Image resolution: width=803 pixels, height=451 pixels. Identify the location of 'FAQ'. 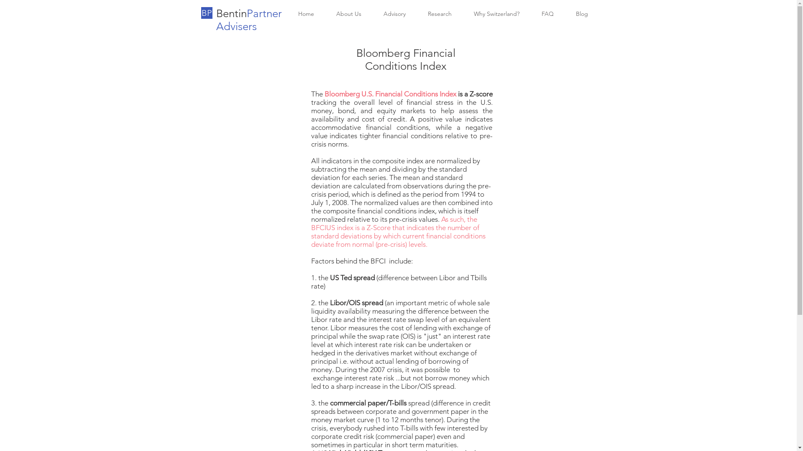
(547, 14).